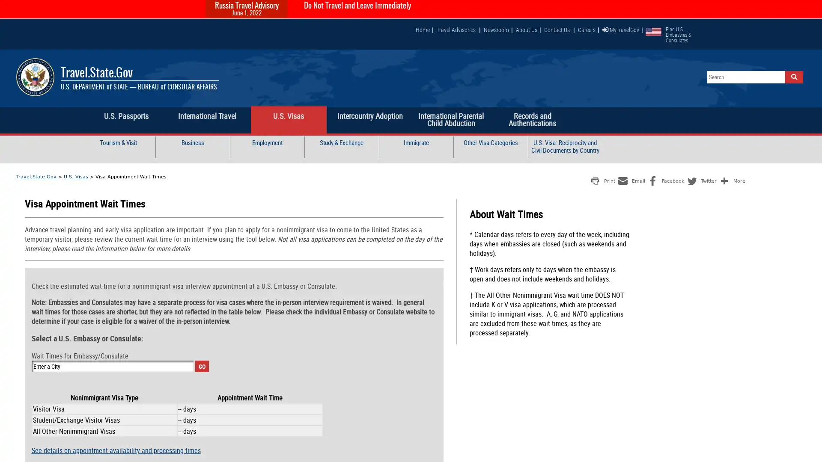 The image size is (822, 462). Describe the element at coordinates (631, 180) in the screenshot. I see `Share to Email Email` at that location.